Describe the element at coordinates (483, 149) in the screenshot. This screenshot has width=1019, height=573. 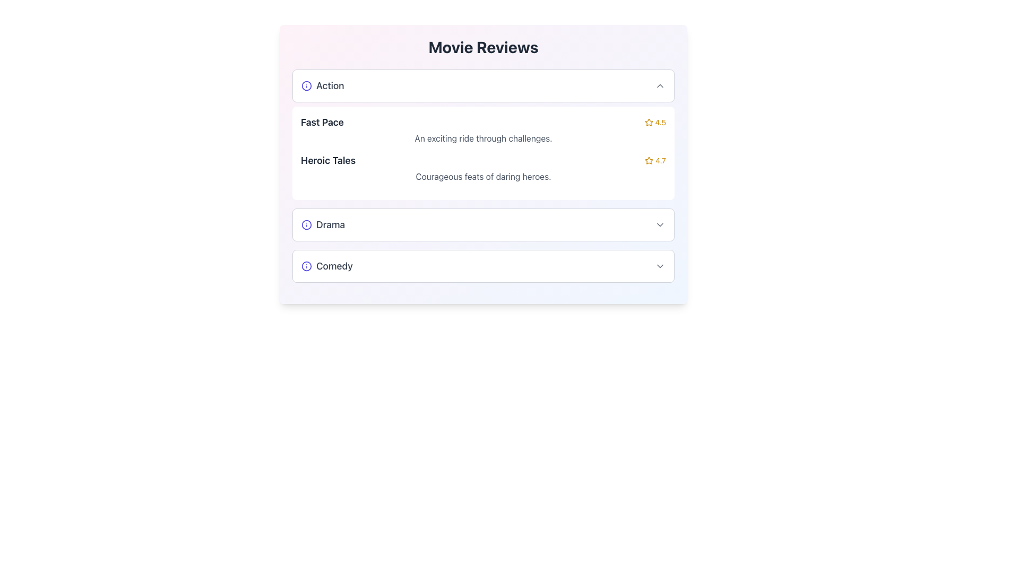
I see `the composite informational display element showing movie titles 'Fast Pace' and 'Heroic Tales'` at that location.